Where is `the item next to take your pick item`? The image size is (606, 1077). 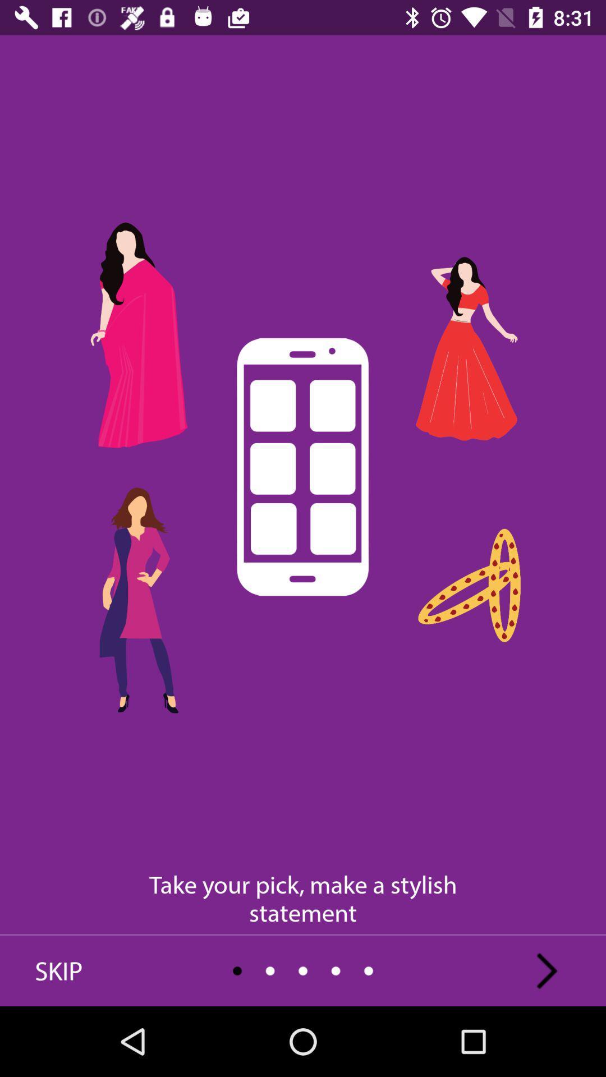 the item next to take your pick item is located at coordinates (547, 970).